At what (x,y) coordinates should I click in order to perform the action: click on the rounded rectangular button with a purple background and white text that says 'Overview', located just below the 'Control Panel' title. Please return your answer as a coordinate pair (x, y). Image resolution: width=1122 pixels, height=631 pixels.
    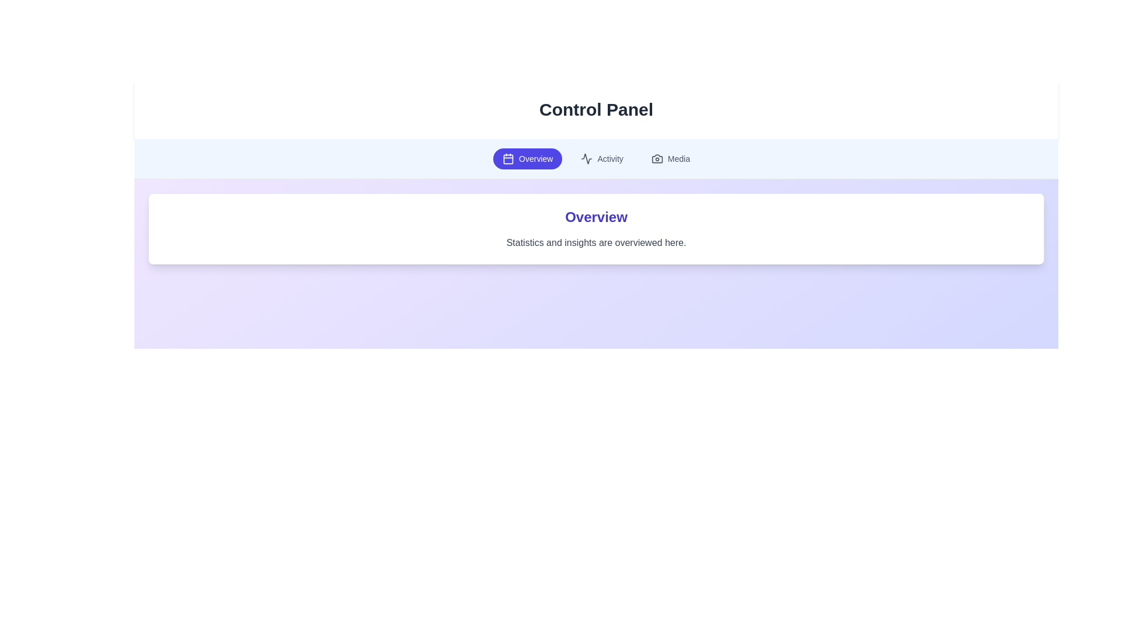
    Looking at the image, I should click on (527, 159).